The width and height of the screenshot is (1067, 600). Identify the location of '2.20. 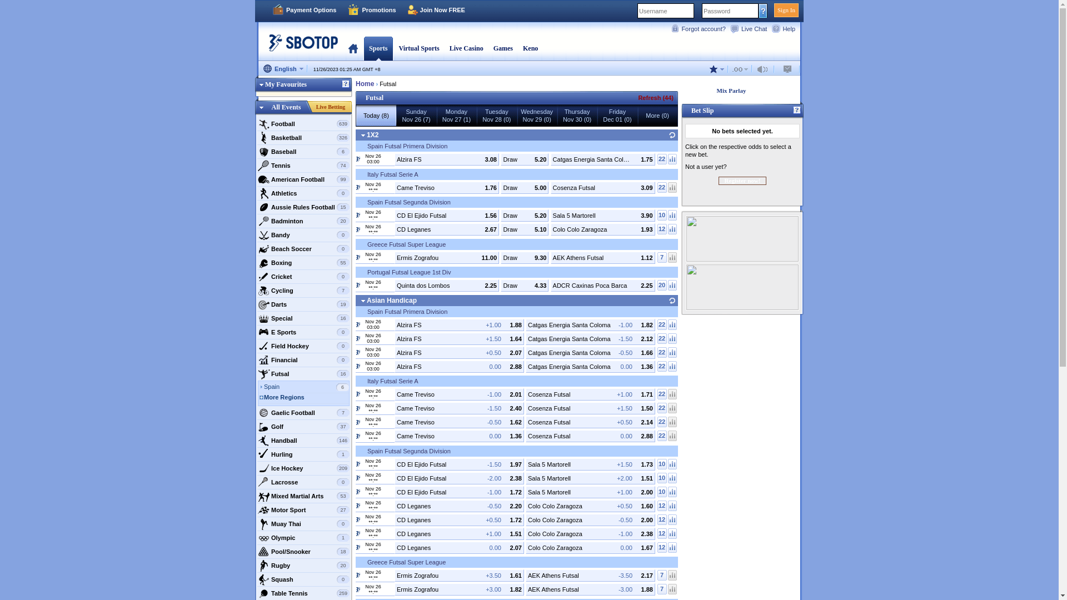
(459, 506).